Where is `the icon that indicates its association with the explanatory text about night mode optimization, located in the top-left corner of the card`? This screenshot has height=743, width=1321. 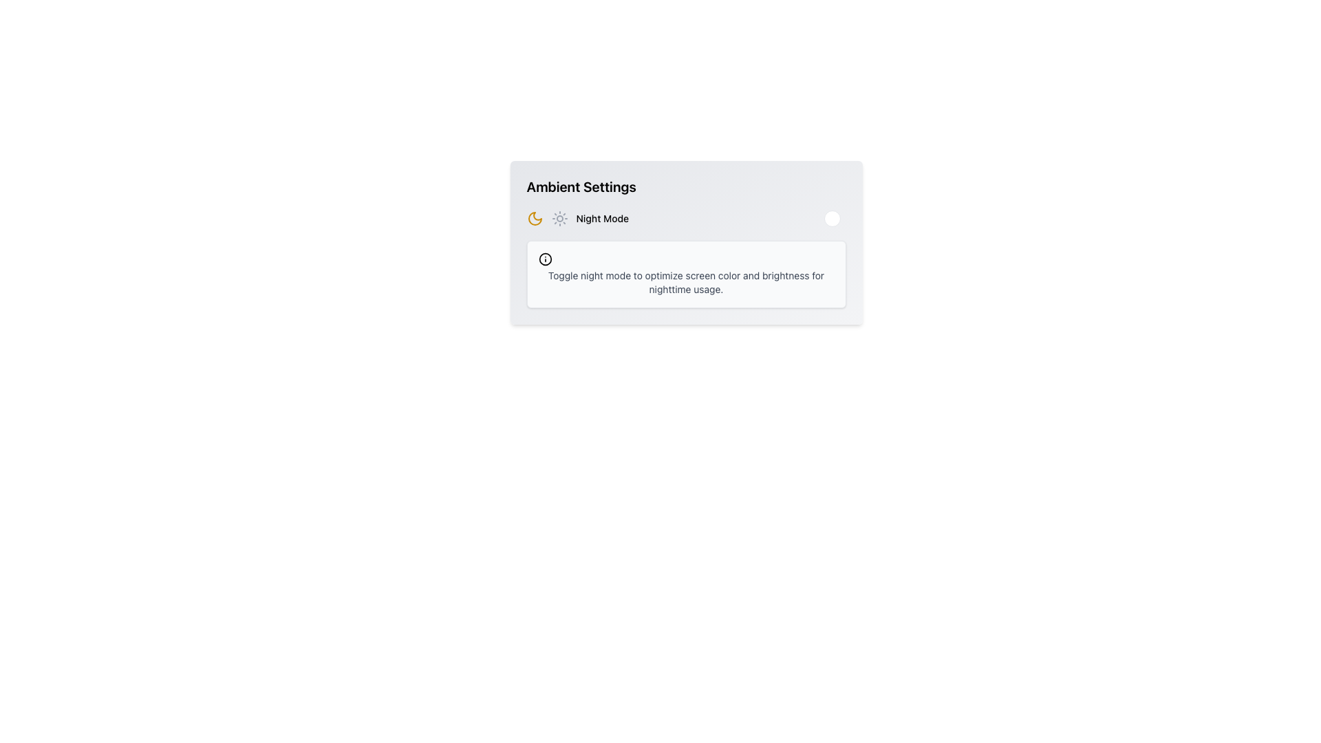 the icon that indicates its association with the explanatory text about night mode optimization, located in the top-left corner of the card is located at coordinates (544, 259).